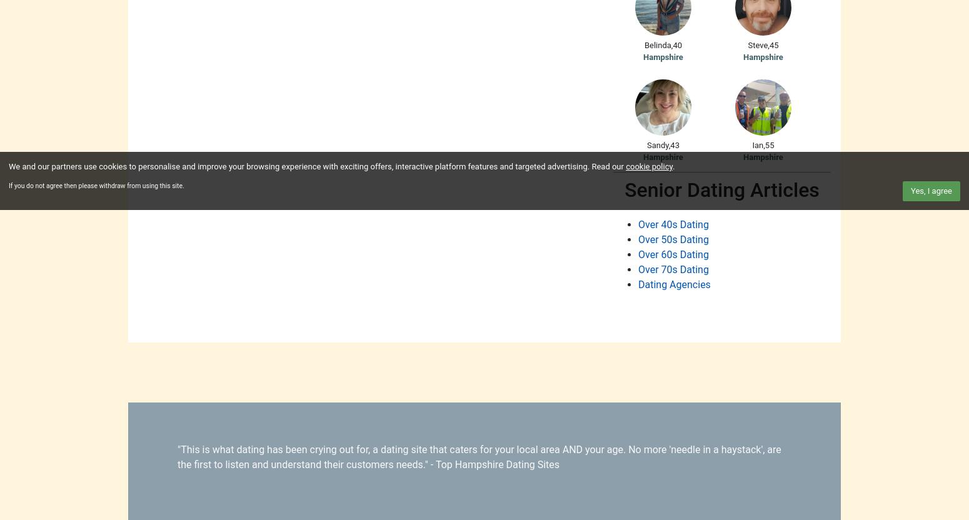 The width and height of the screenshot is (969, 520). What do you see at coordinates (657, 144) in the screenshot?
I see `'Sandy'` at bounding box center [657, 144].